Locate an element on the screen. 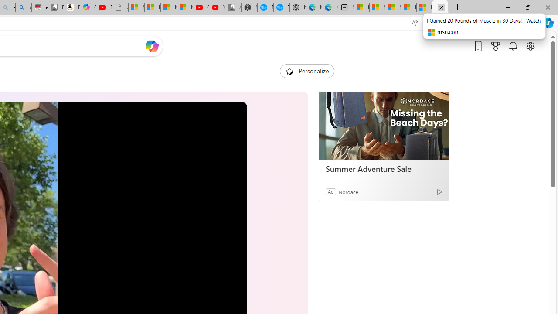 The width and height of the screenshot is (558, 314). 'Notifications' is located at coordinates (513, 46).